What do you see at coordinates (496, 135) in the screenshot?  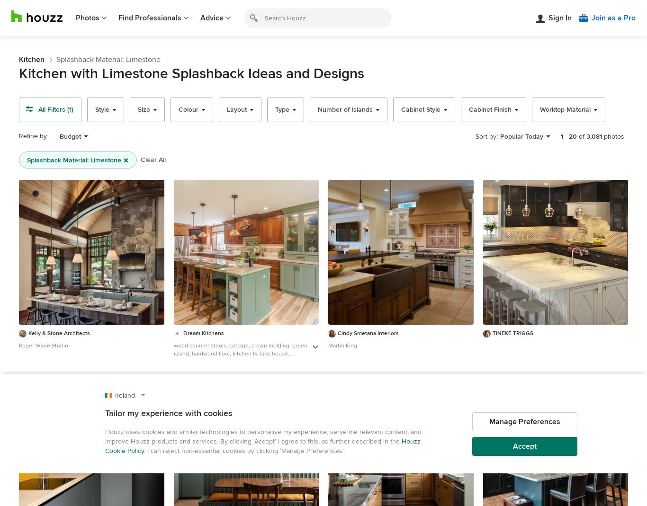 I see `':'` at bounding box center [496, 135].